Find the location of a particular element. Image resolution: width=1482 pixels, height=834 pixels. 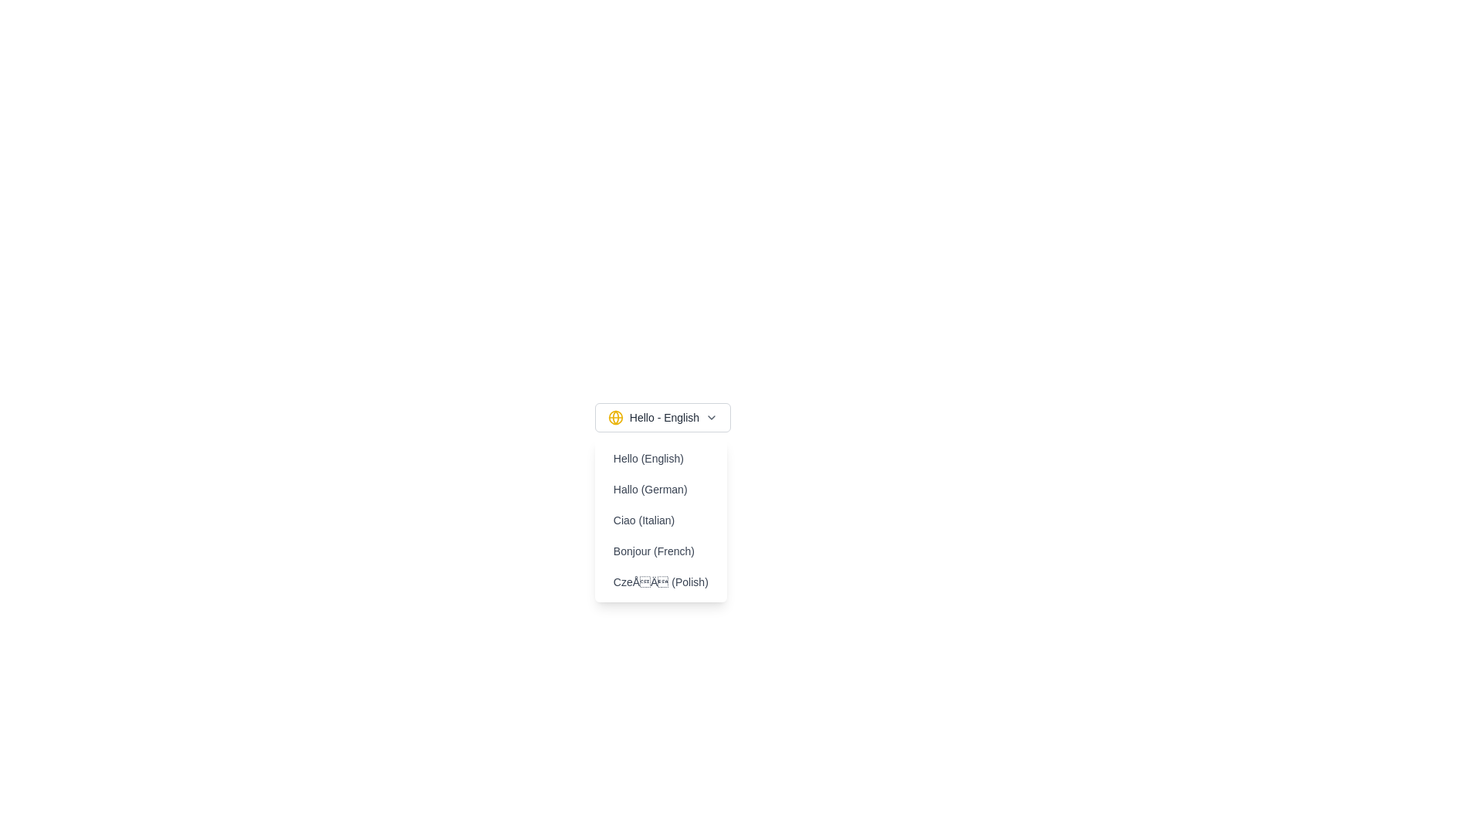

text of the label displaying 'Hello - English', which is centrally located in the dropdown header section, between a globe icon and a downward arrow is located at coordinates (664, 417).